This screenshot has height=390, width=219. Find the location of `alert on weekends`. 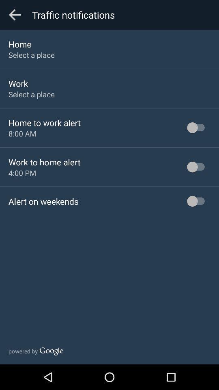

alert on weekends is located at coordinates (43, 201).